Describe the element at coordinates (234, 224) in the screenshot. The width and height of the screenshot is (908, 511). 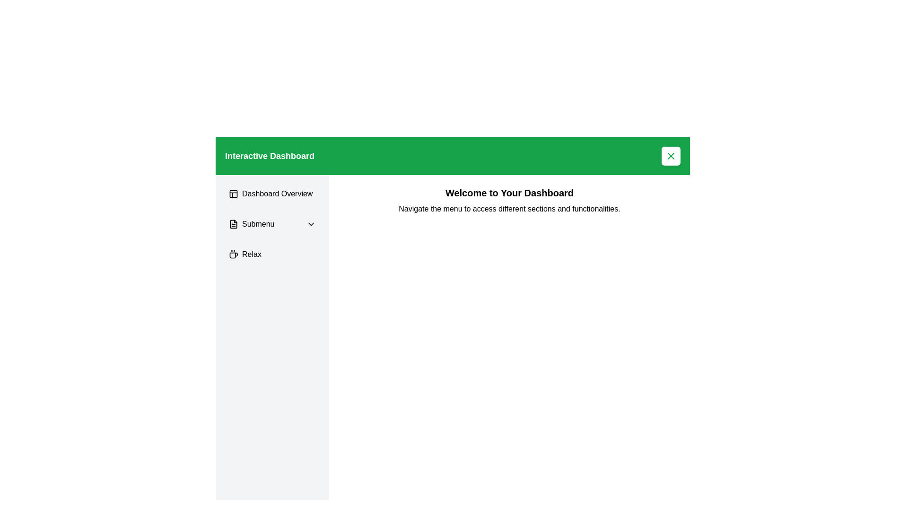
I see `the 'Submenu' icon located in the vertical sidebar menu, which is directly to the left of the text 'Submenu'` at that location.